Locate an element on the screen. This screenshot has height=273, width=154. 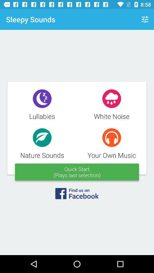
icon below the quick start plays item is located at coordinates (77, 195).